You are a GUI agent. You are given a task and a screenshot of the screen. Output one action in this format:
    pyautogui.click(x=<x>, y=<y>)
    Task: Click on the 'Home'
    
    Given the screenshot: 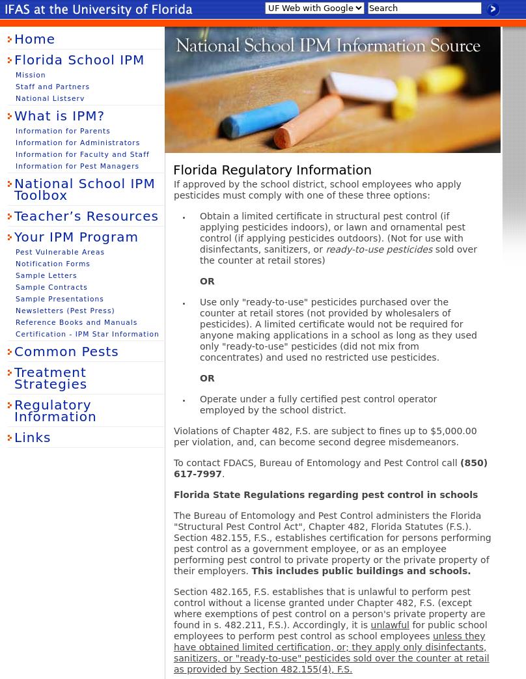 What is the action you would take?
    pyautogui.click(x=14, y=38)
    